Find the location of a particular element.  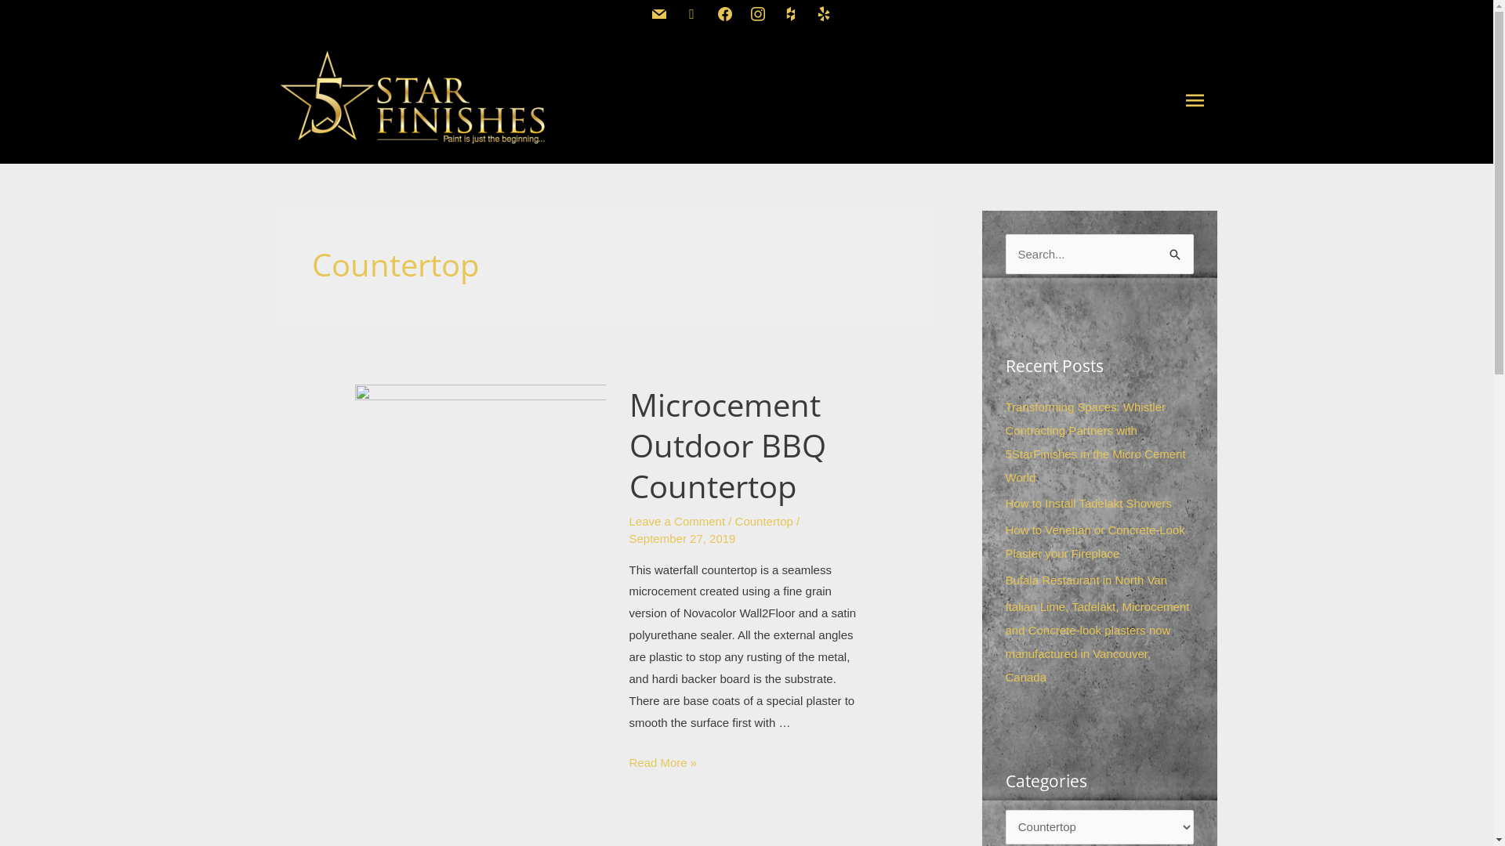

'phone-square' is located at coordinates (678, 13).